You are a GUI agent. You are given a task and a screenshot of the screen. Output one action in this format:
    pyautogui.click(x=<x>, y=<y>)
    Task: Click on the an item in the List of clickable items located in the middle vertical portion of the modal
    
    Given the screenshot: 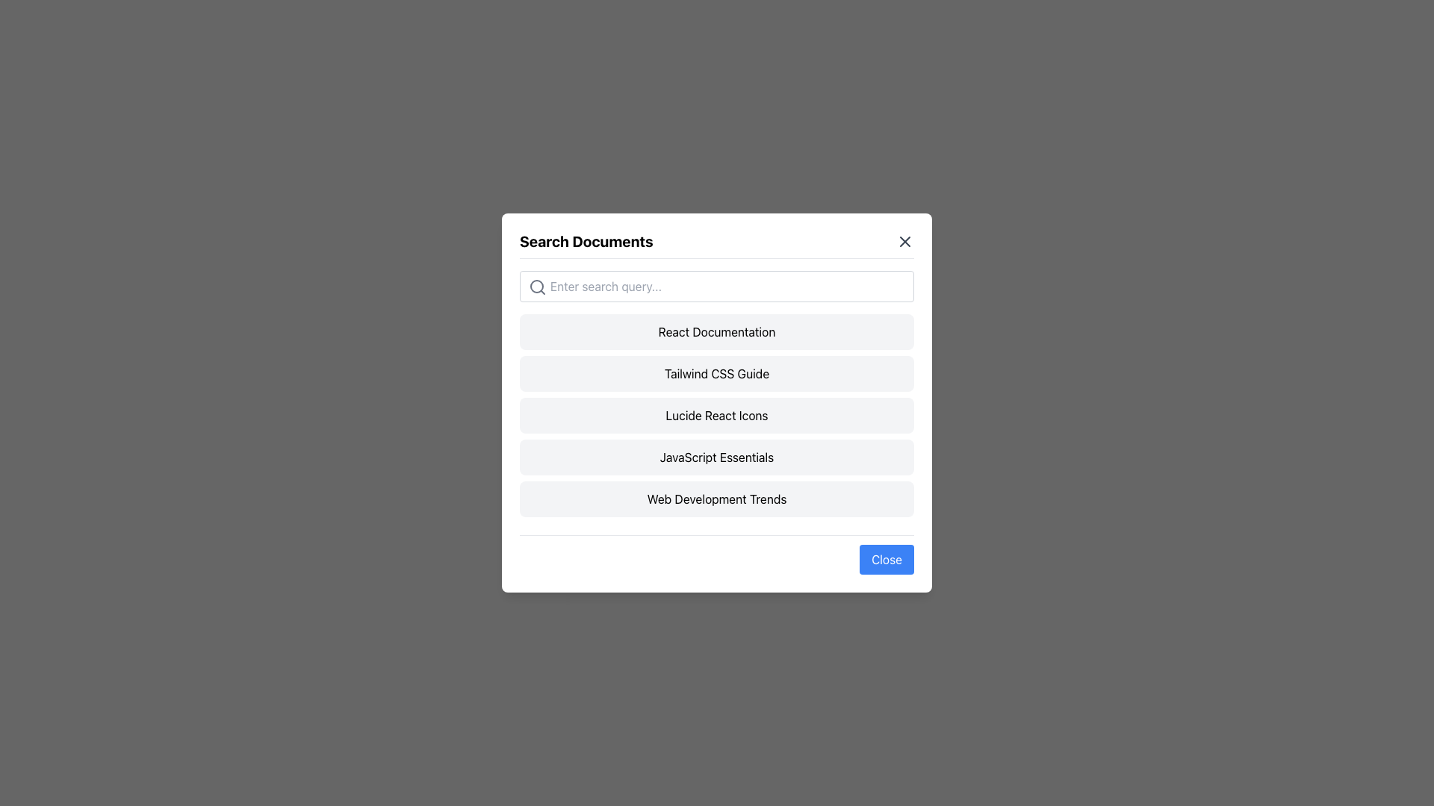 What is the action you would take?
    pyautogui.click(x=717, y=393)
    